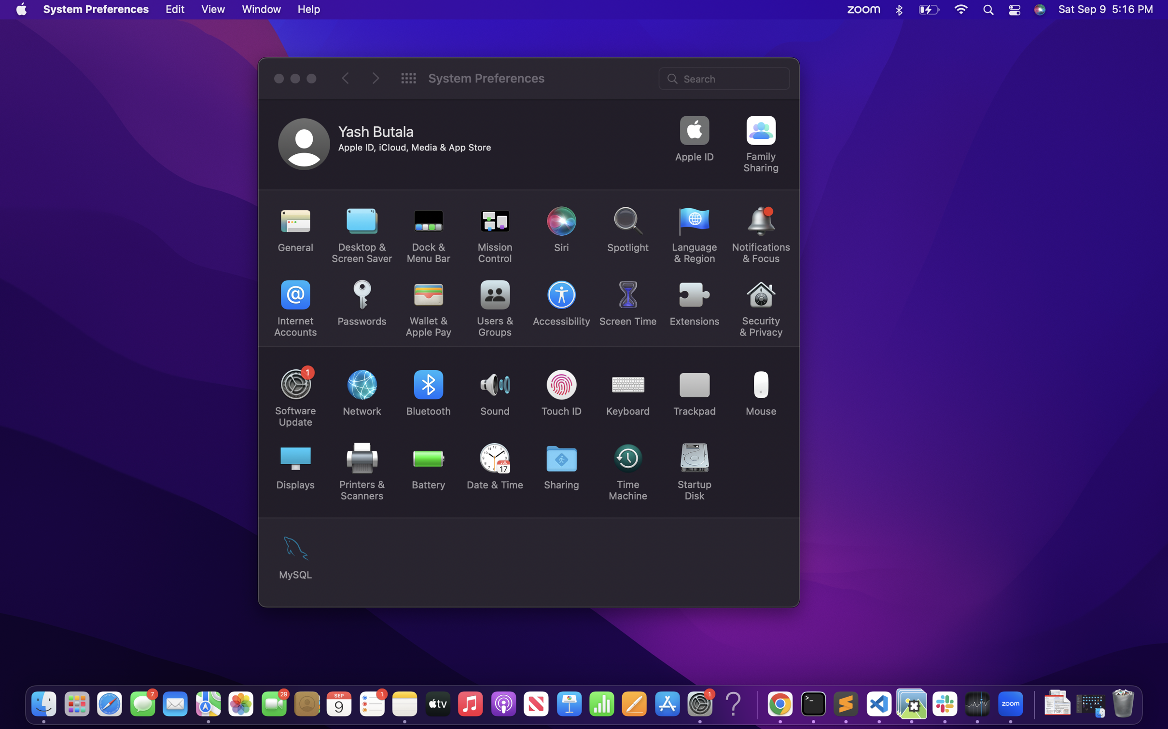  What do you see at coordinates (725, 77) in the screenshot?
I see `Use search bar to find hardware settings` at bounding box center [725, 77].